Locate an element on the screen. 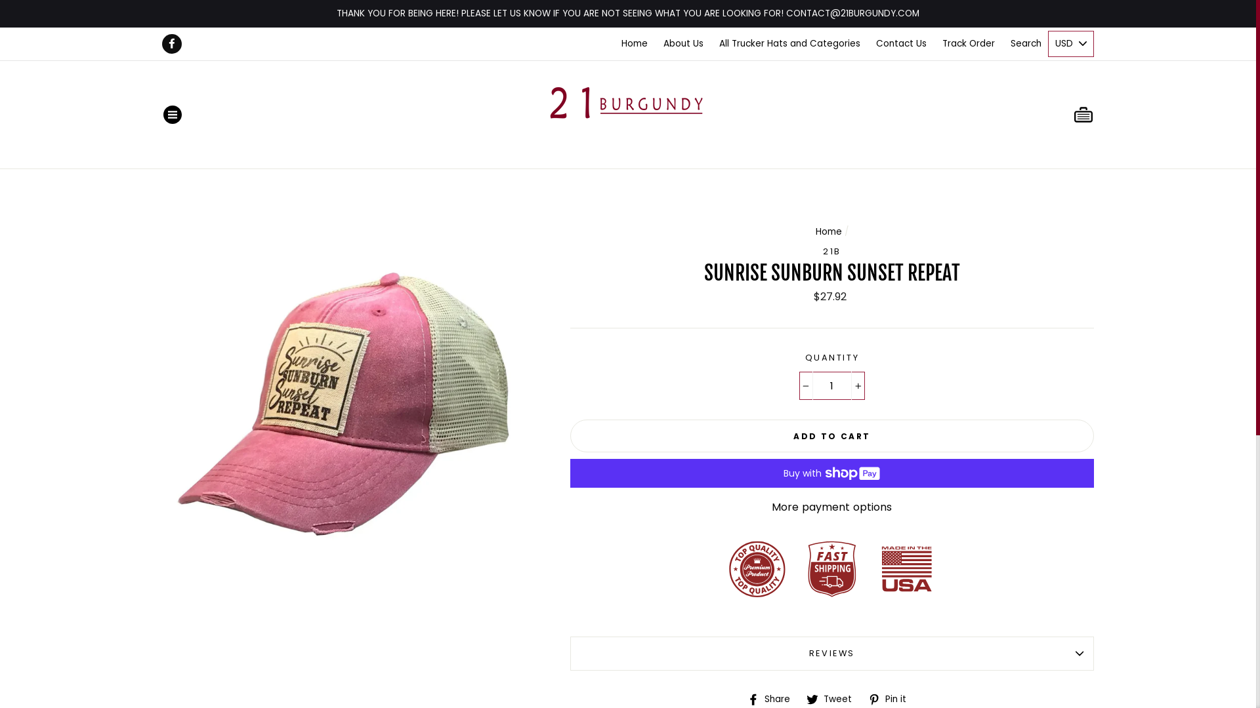  'About Us' is located at coordinates (682, 43).